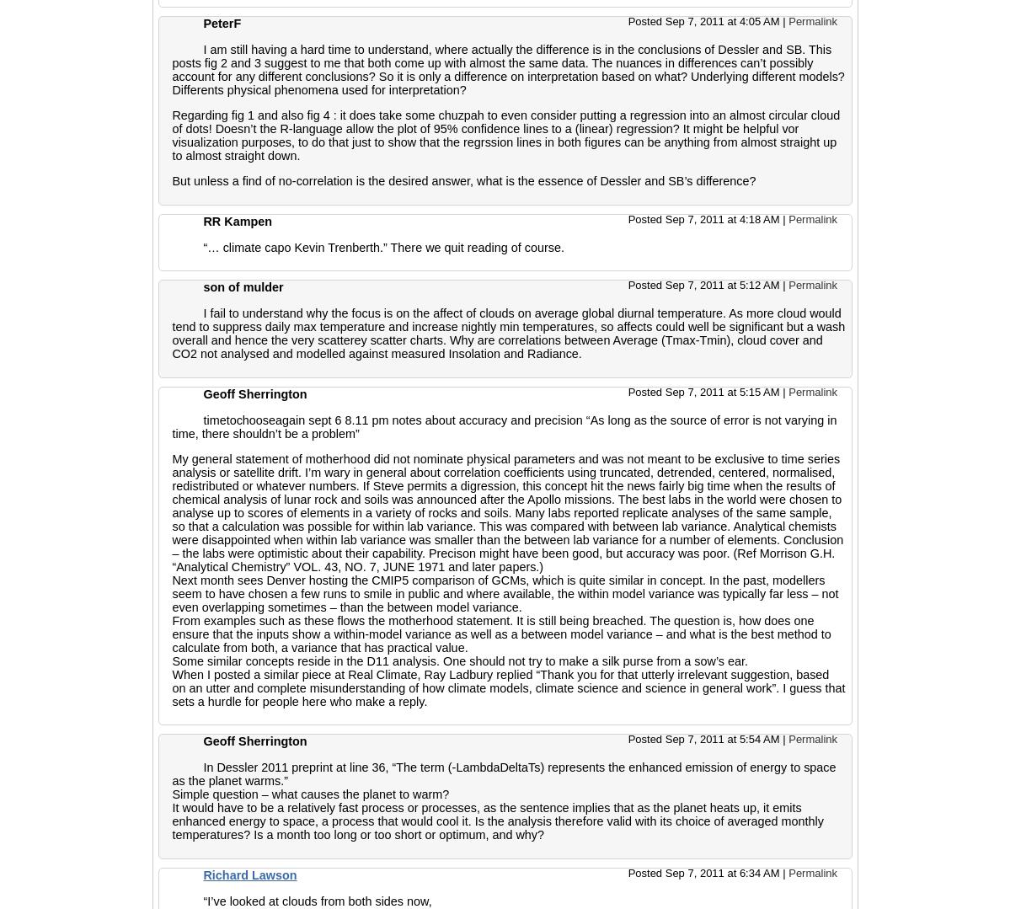  I want to click on 'Richard Lawson', so click(249, 874).